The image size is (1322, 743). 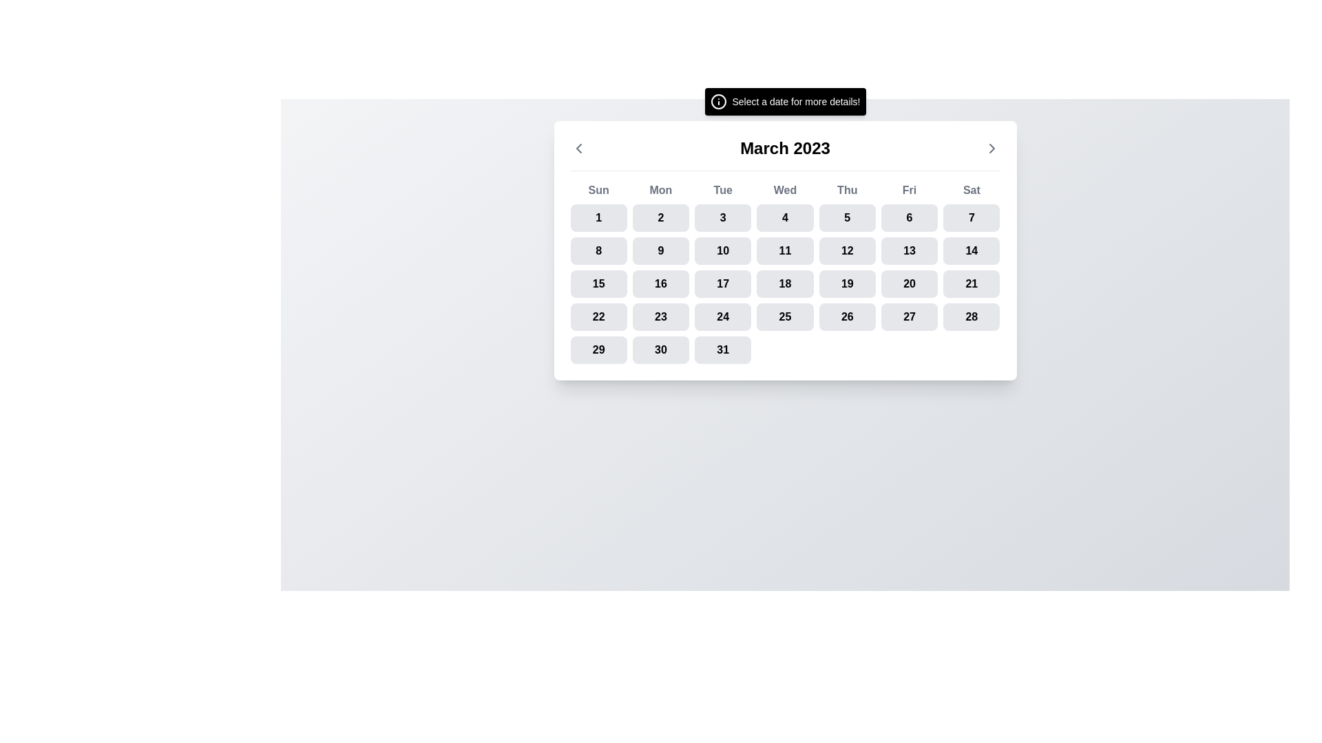 What do you see at coordinates (971, 251) in the screenshot?
I see `the button labeled '14' in the bottom-right corner of the calendar grid` at bounding box center [971, 251].